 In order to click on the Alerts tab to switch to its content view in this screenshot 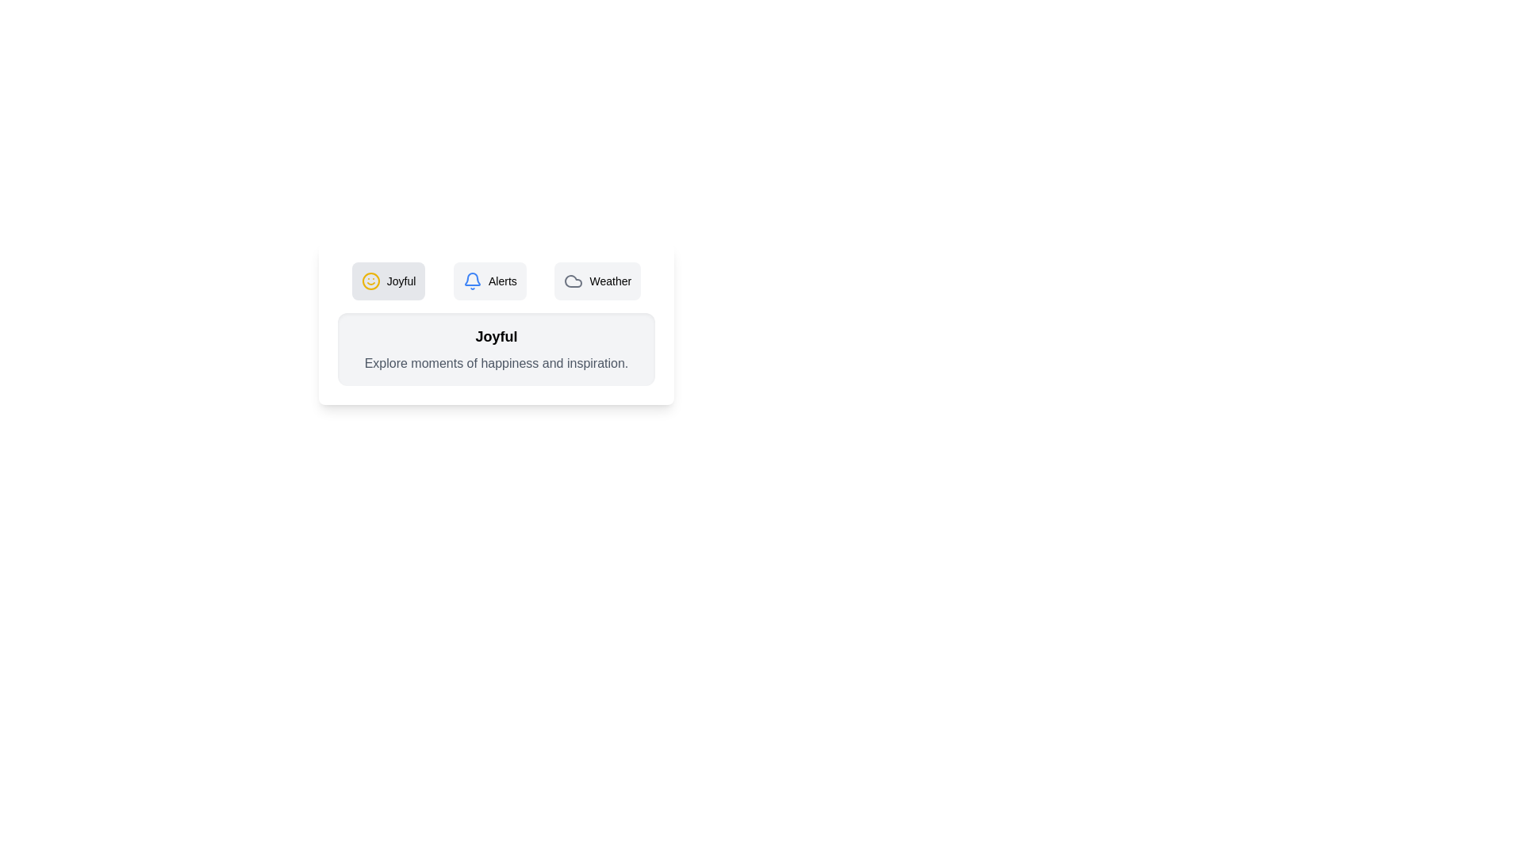, I will do `click(489, 280)`.